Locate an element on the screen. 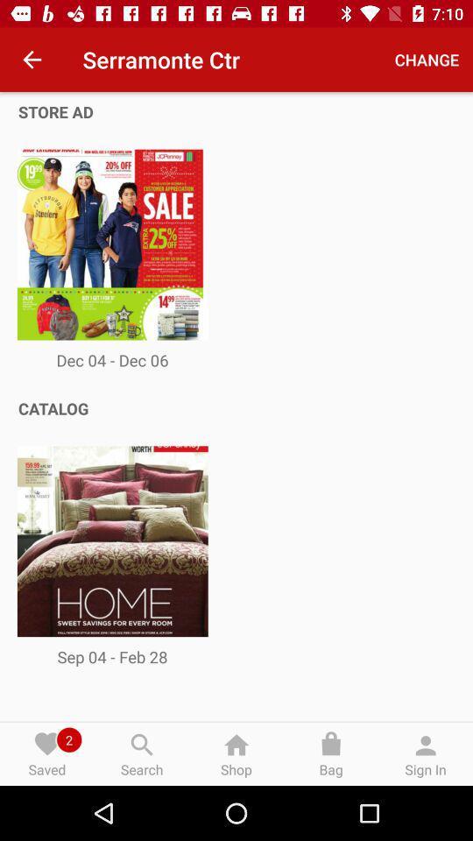 This screenshot has height=841, width=473. icon next to serramonte ctr item is located at coordinates (426, 60).